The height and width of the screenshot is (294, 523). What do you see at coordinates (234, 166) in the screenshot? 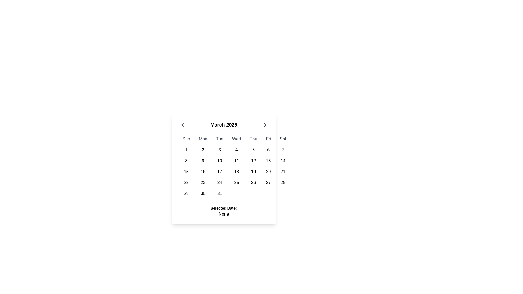
I see `a date in the Calendar grid element located below the 'March 2025' title` at bounding box center [234, 166].